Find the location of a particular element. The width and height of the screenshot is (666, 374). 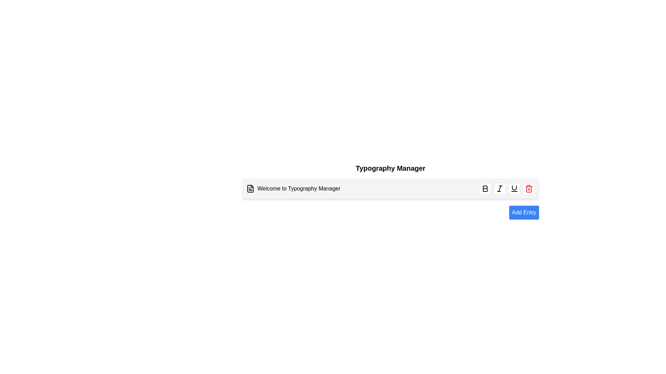

the italic formatting button, which has a white background, rounded edges, and features a bold, italicized 'I' symbol, located between the 'Bold' and 'Underline' icons in the toolbar below the 'Welcome to Typography Manager' text is located at coordinates (499, 188).